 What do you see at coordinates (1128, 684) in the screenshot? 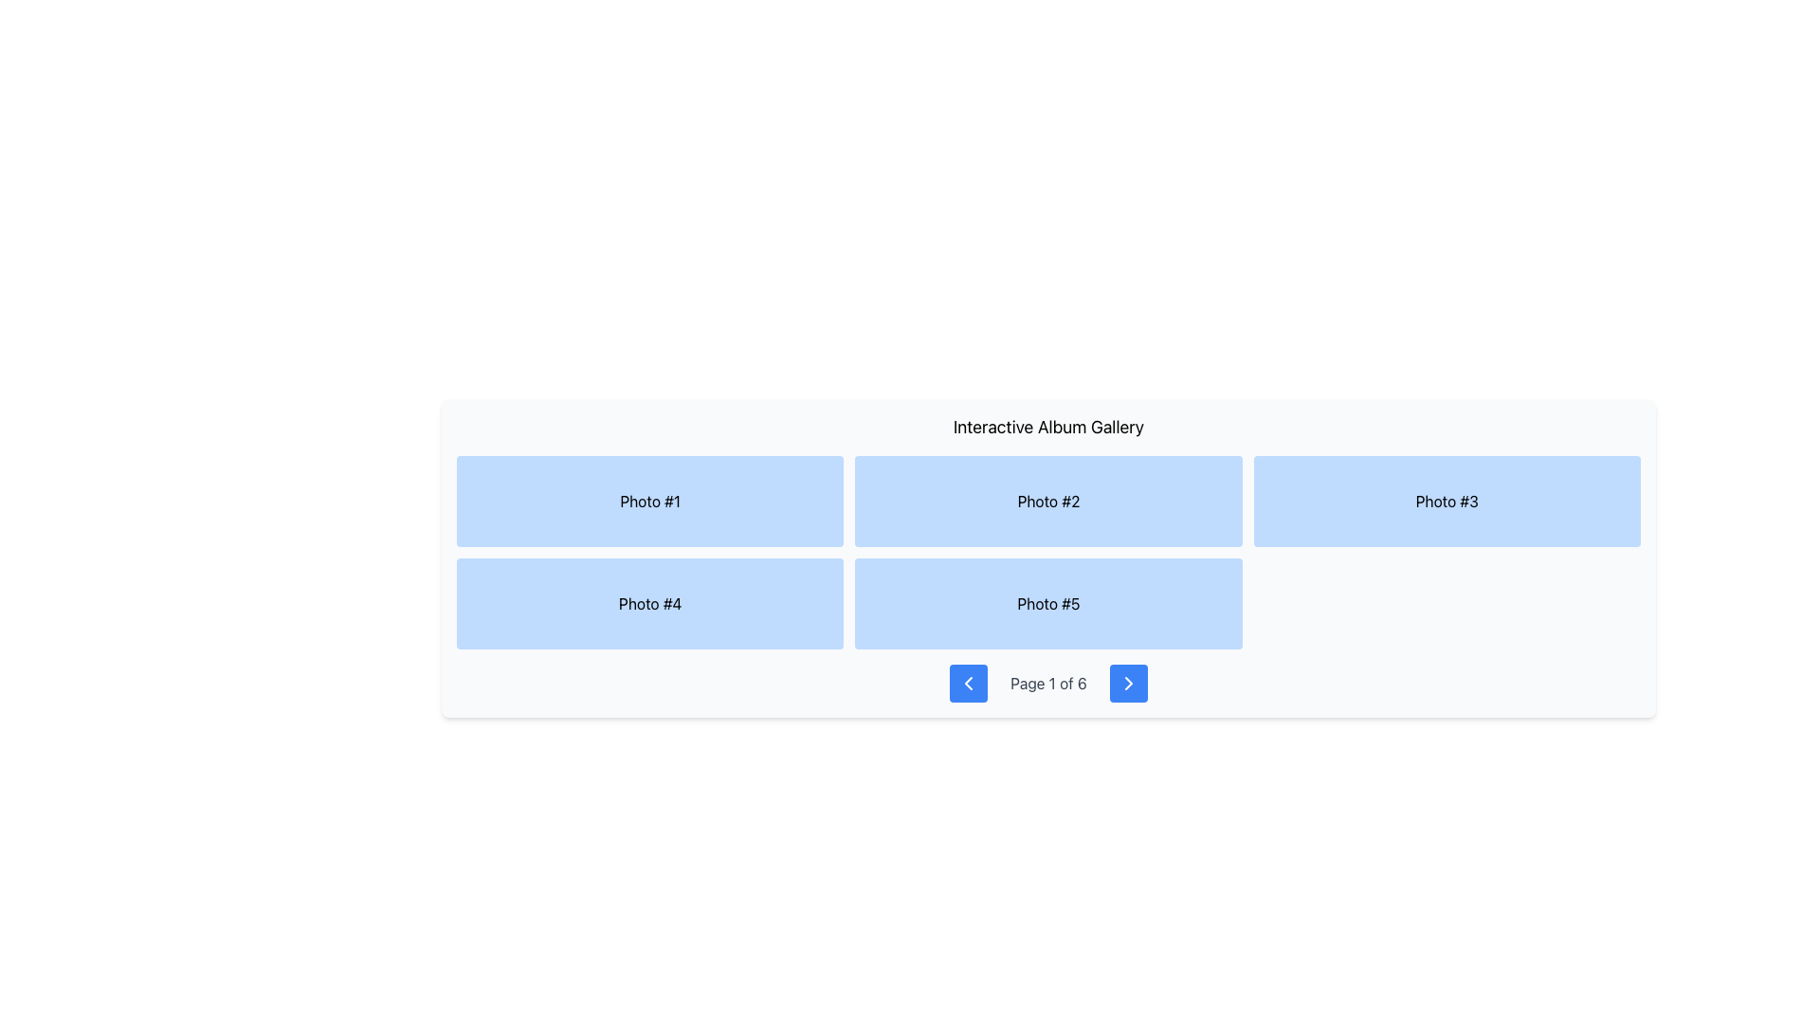
I see `the blue square button with a white right-pointing arrow icon located at the bottom center of the interface` at bounding box center [1128, 684].